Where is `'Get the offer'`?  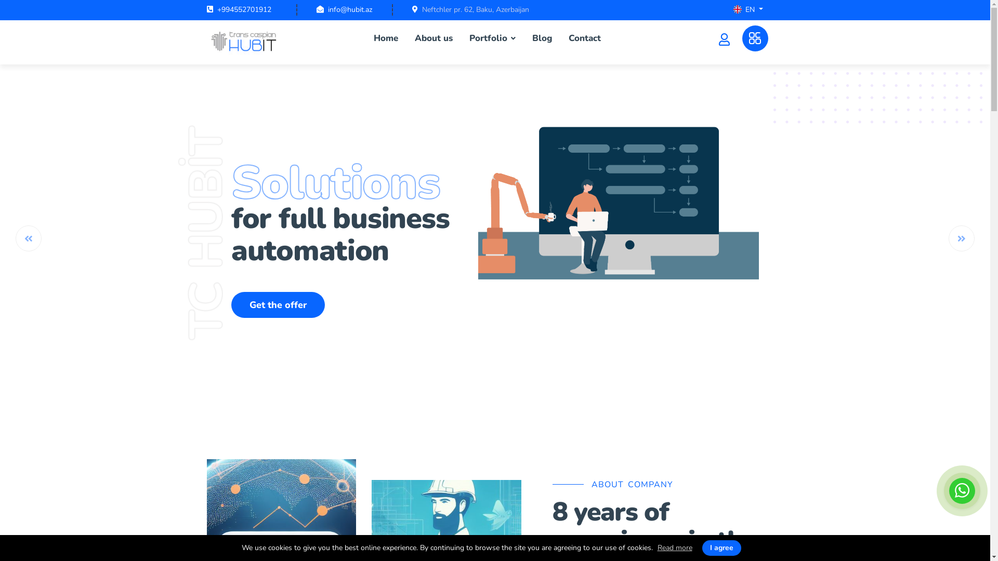 'Get the offer' is located at coordinates (278, 304).